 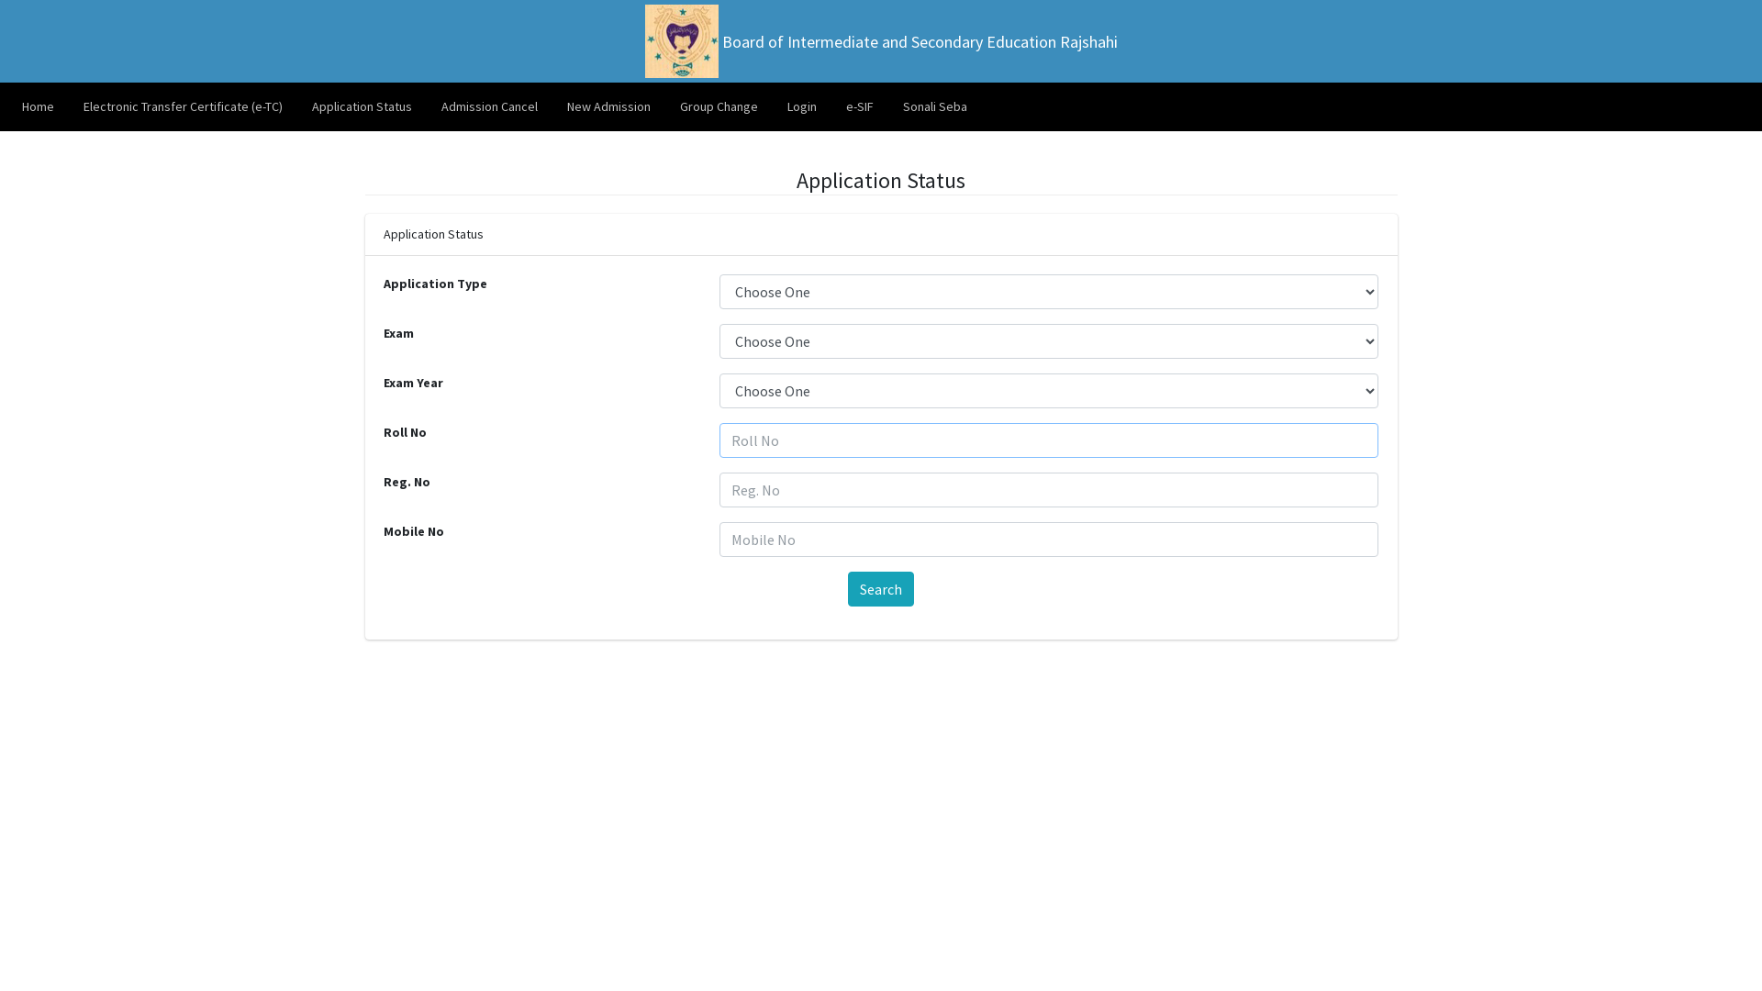 What do you see at coordinates (934, 106) in the screenshot?
I see `'Sonali Seba'` at bounding box center [934, 106].